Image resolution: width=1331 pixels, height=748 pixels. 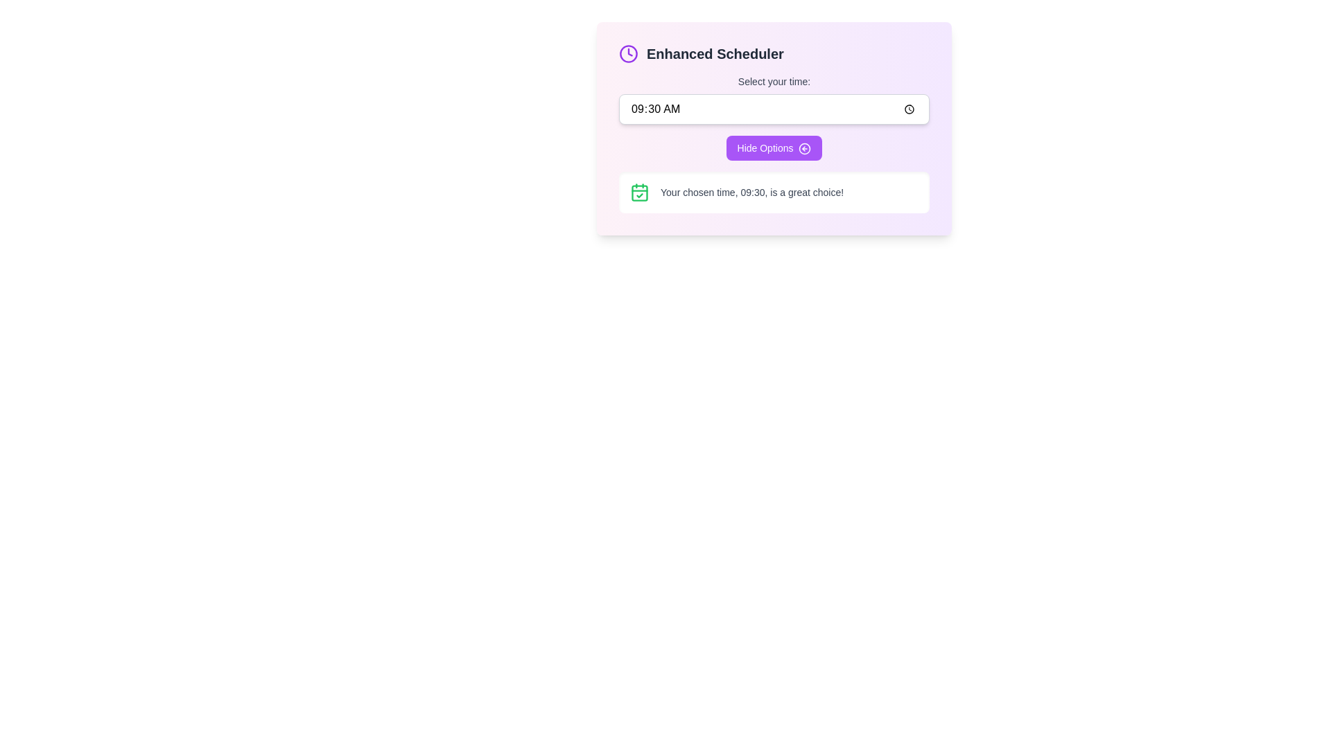 I want to click on the 'Hide Options' button in the central scheduling interface, so click(x=774, y=128).